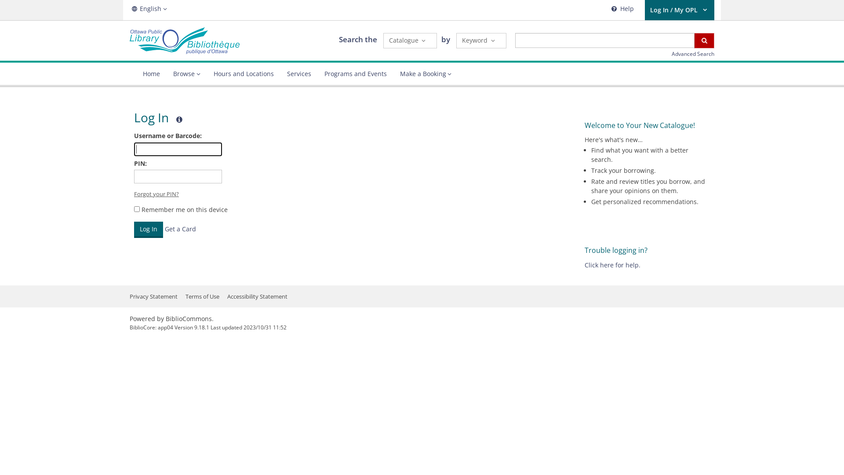  Describe the element at coordinates (621, 10) in the screenshot. I see `'Help` at that location.